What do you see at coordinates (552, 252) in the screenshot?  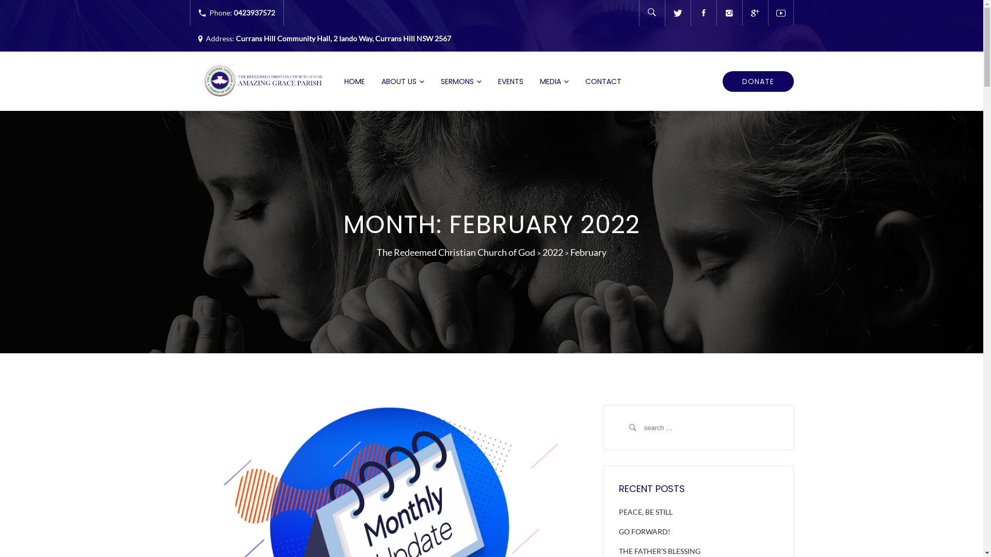 I see `'2022'` at bounding box center [552, 252].